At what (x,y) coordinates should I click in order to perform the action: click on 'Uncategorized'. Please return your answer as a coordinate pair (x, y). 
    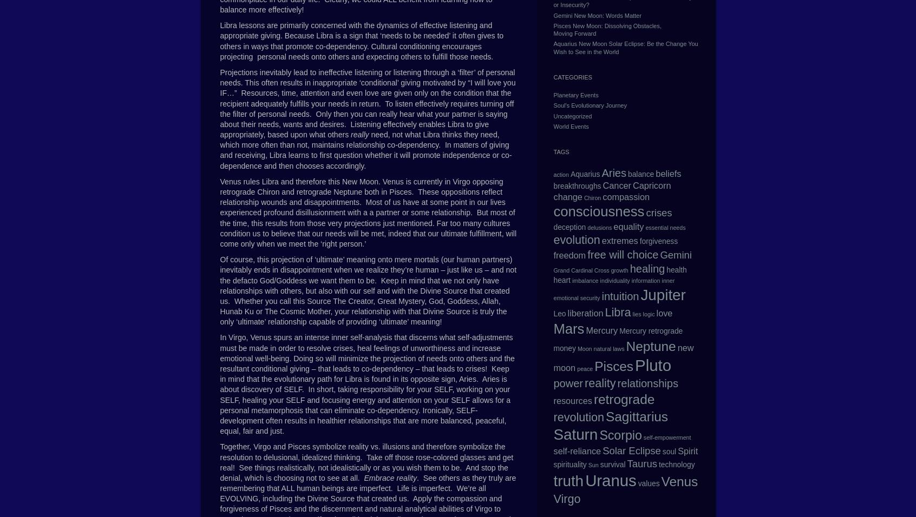
    Looking at the image, I should click on (572, 115).